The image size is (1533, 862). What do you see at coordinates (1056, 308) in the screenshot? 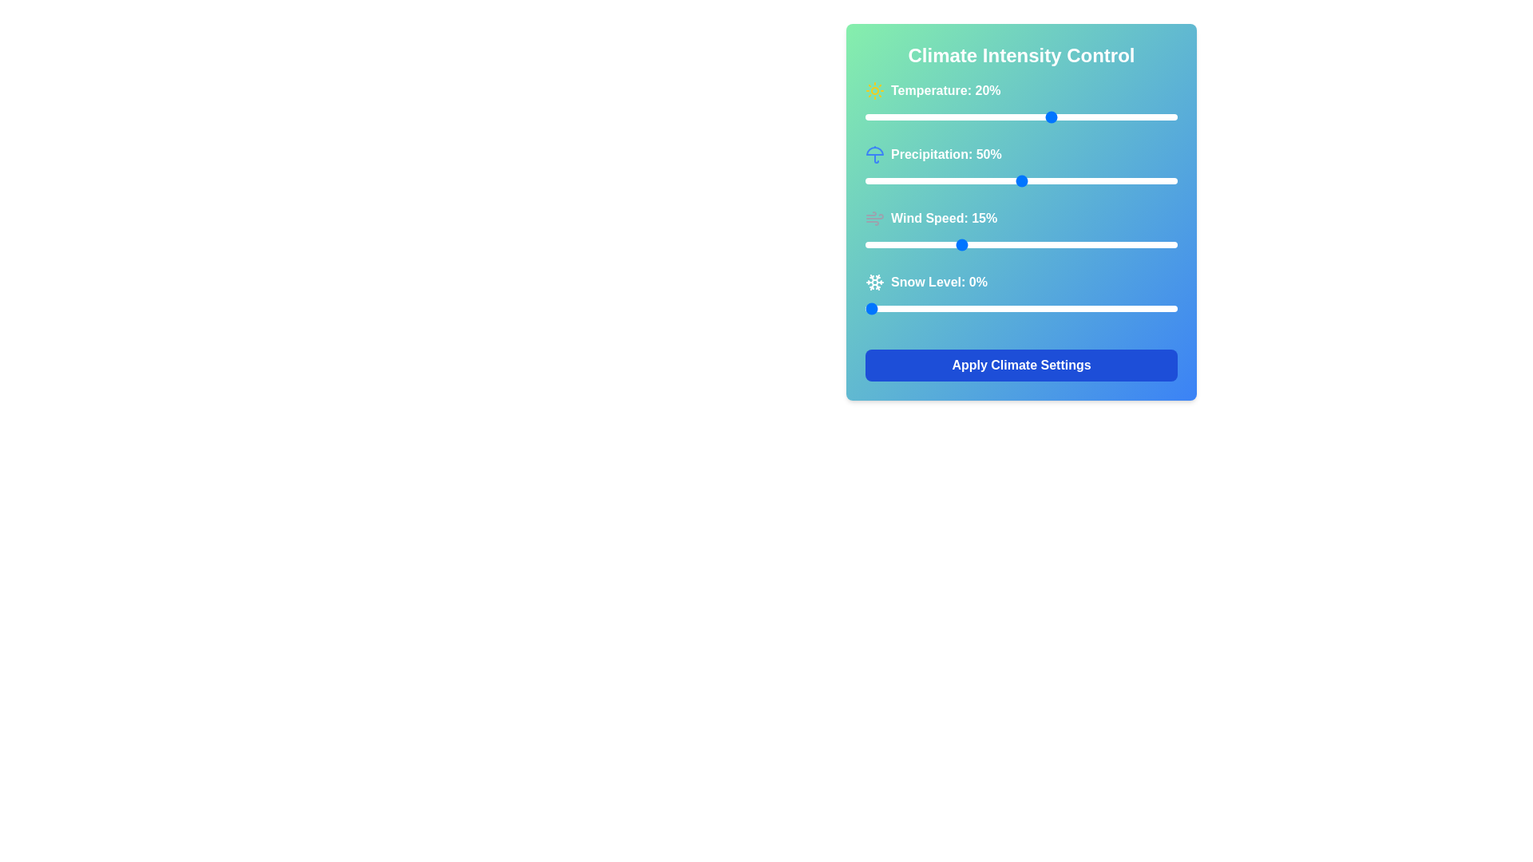
I see `the snow level` at bounding box center [1056, 308].